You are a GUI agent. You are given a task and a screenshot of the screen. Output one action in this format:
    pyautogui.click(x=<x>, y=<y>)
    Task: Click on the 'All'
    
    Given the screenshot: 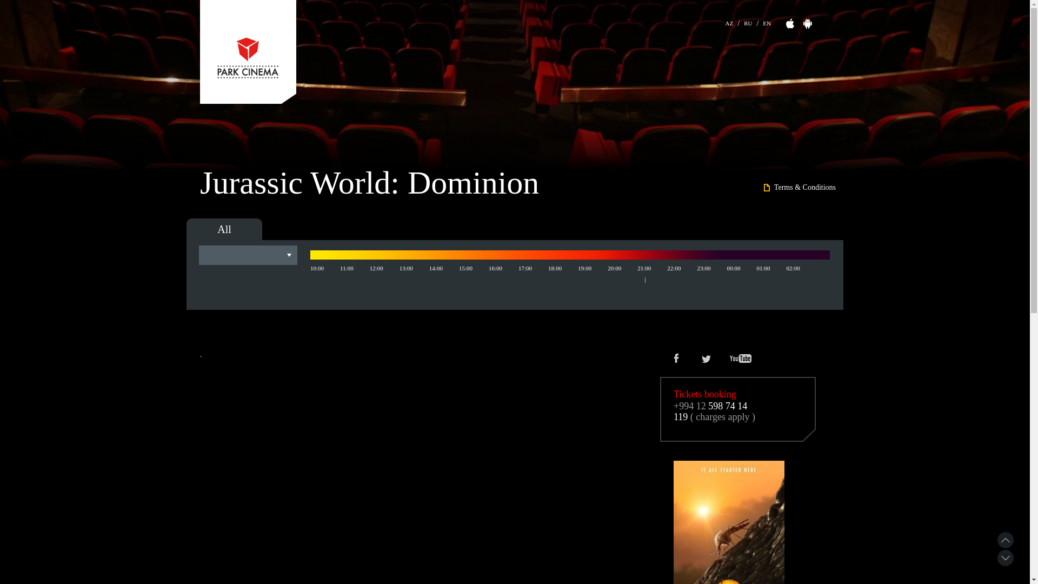 What is the action you would take?
    pyautogui.click(x=223, y=229)
    